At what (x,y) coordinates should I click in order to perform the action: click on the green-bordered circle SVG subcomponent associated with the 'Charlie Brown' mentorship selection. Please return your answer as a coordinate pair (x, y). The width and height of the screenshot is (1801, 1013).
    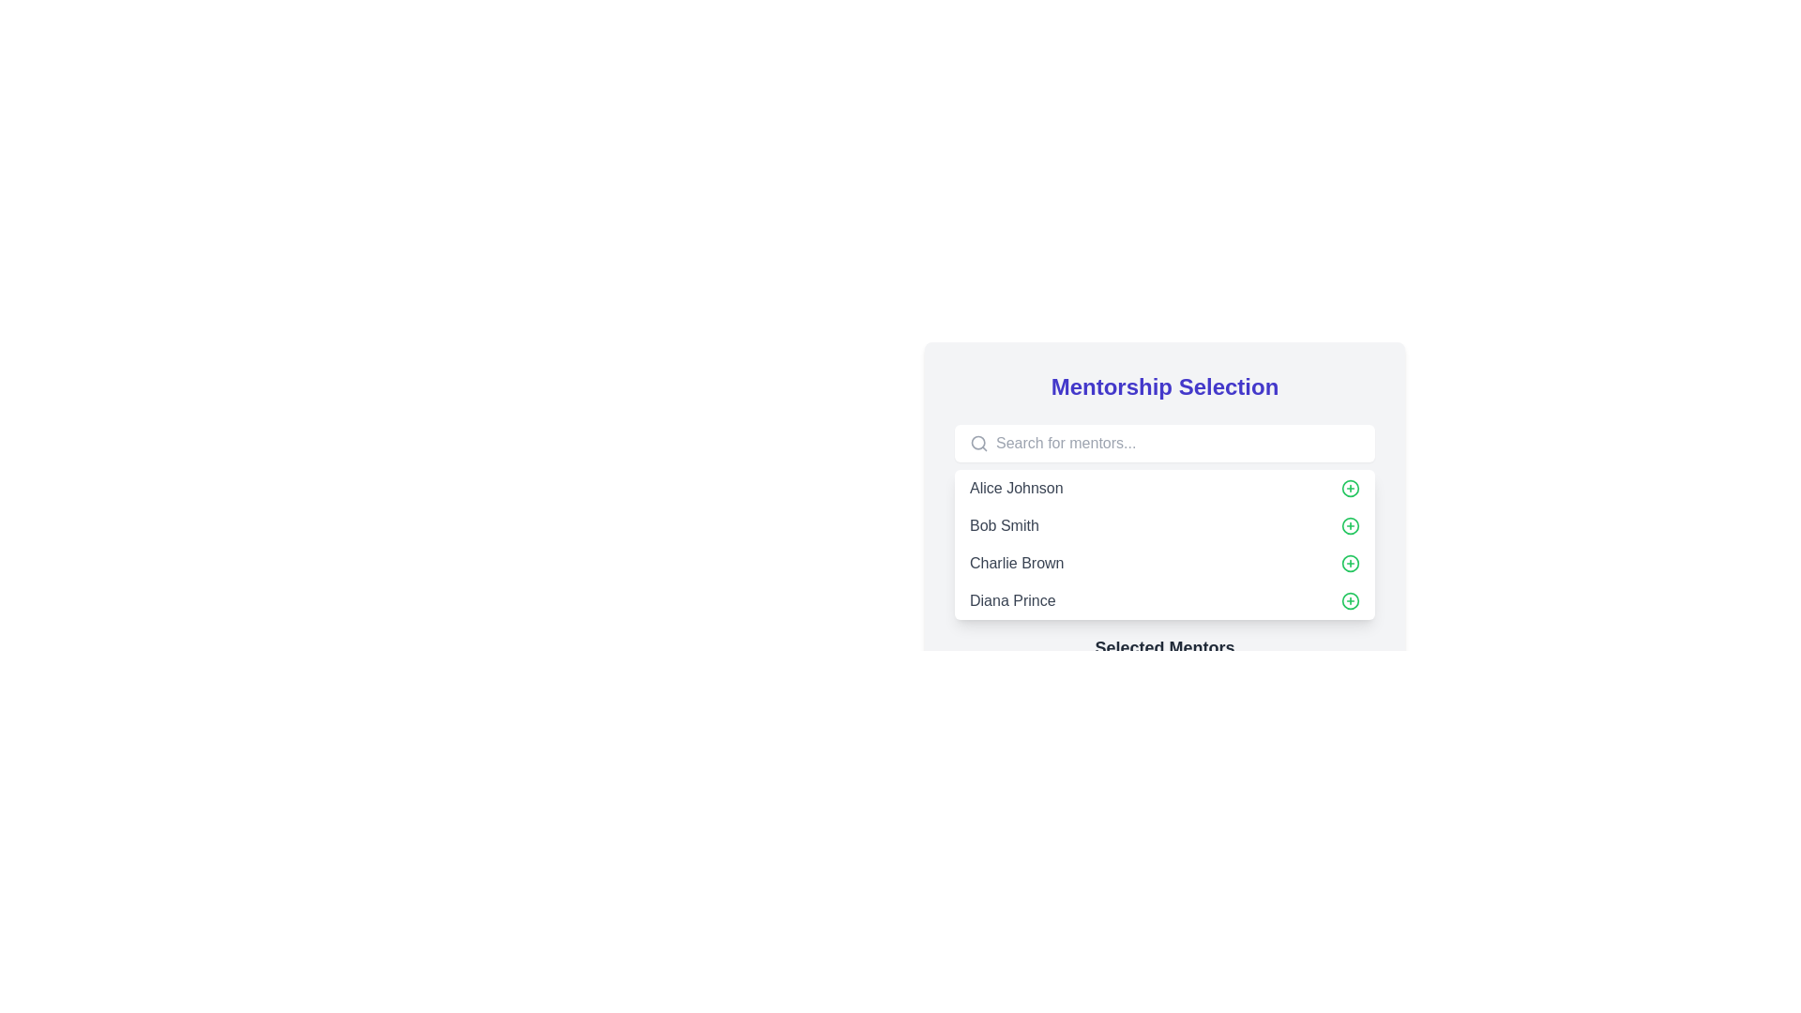
    Looking at the image, I should click on (1351, 563).